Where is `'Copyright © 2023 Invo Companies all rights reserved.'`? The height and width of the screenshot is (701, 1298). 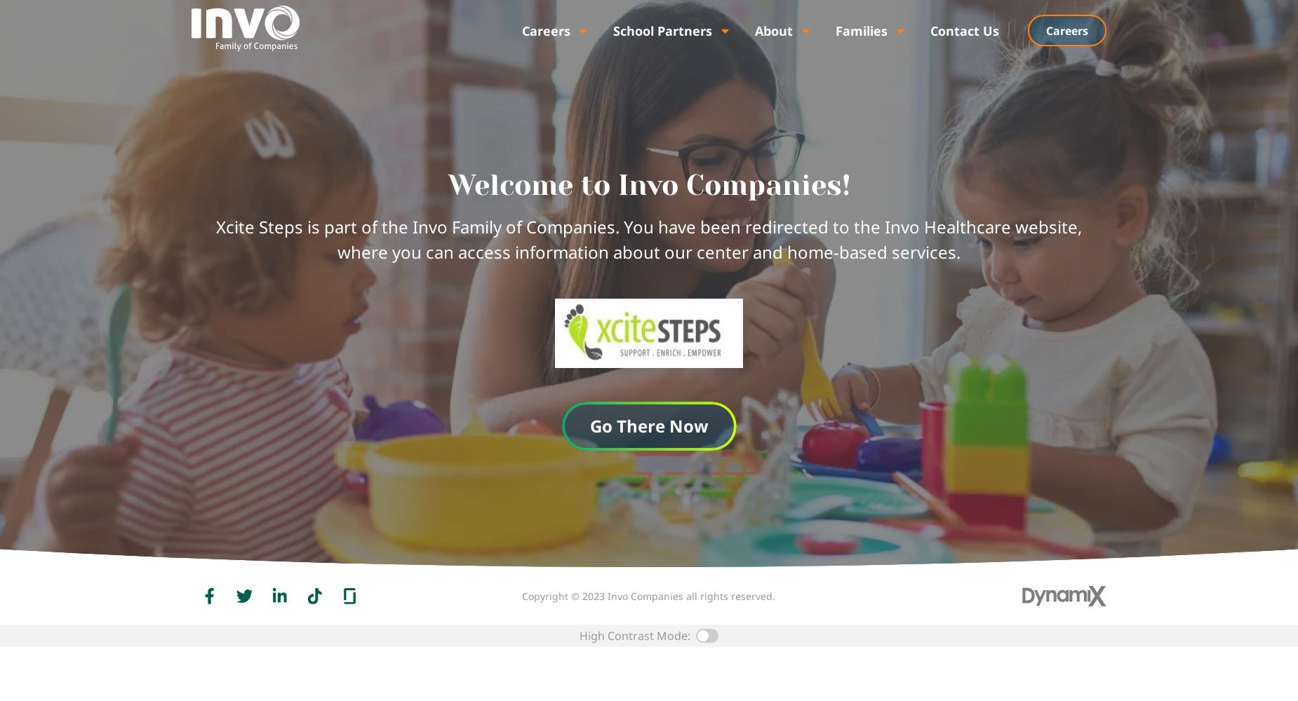
'Copyright © 2023 Invo Companies all rights reserved.' is located at coordinates (648, 594).